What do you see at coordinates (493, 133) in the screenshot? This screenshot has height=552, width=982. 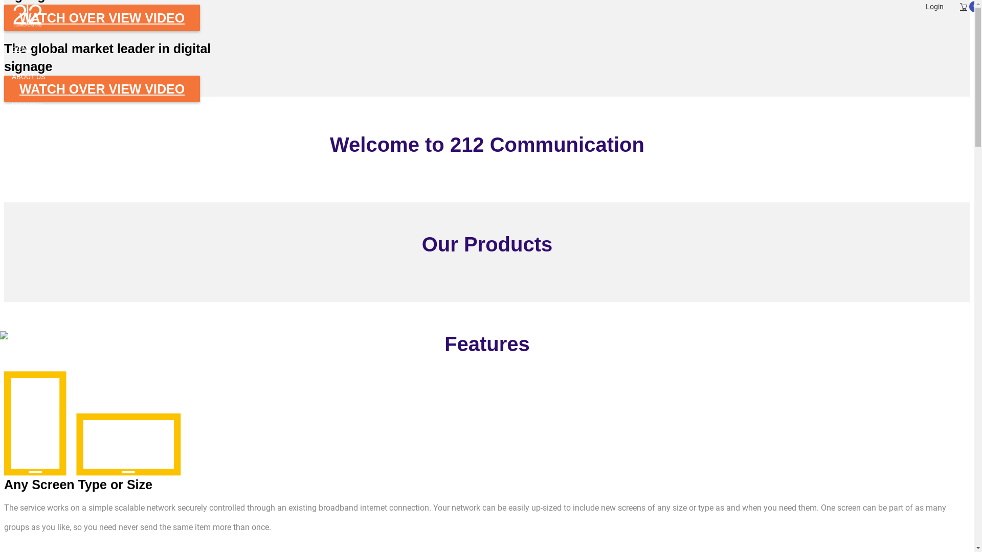 I see `'PRODUCTS'` at bounding box center [493, 133].